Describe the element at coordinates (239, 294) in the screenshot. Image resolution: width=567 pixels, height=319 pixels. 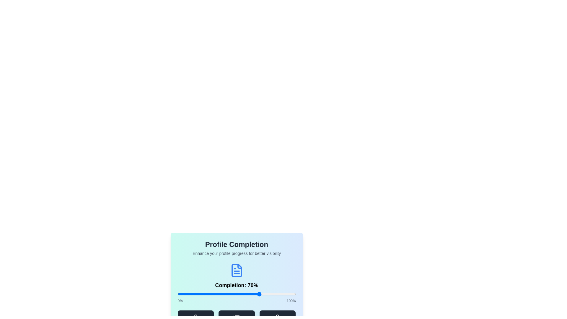
I see `the profile completion slider` at that location.